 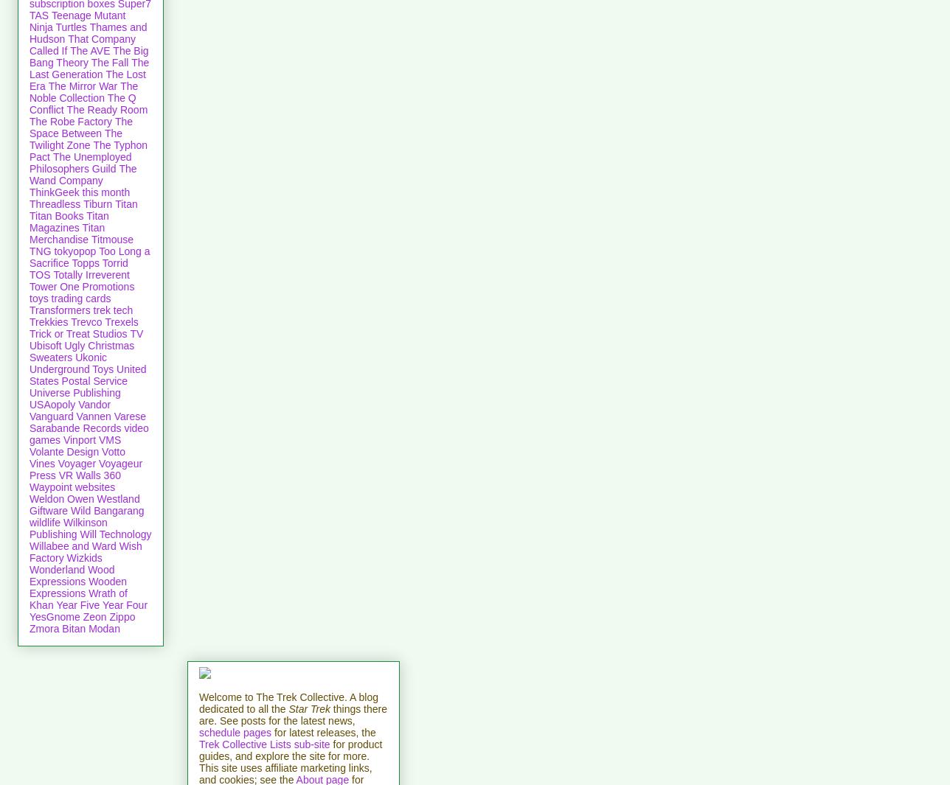 What do you see at coordinates (30, 249) in the screenshot?
I see `'TNG'` at bounding box center [30, 249].